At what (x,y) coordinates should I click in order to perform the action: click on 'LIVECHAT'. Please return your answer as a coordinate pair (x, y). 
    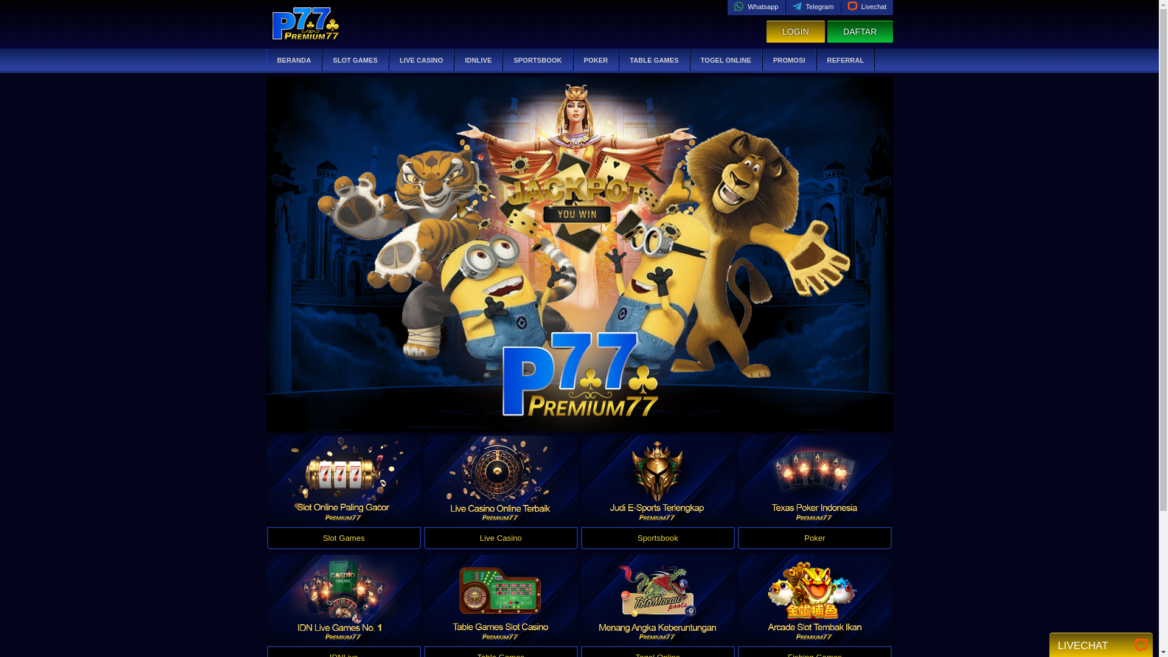
    Looking at the image, I should click on (1057, 644).